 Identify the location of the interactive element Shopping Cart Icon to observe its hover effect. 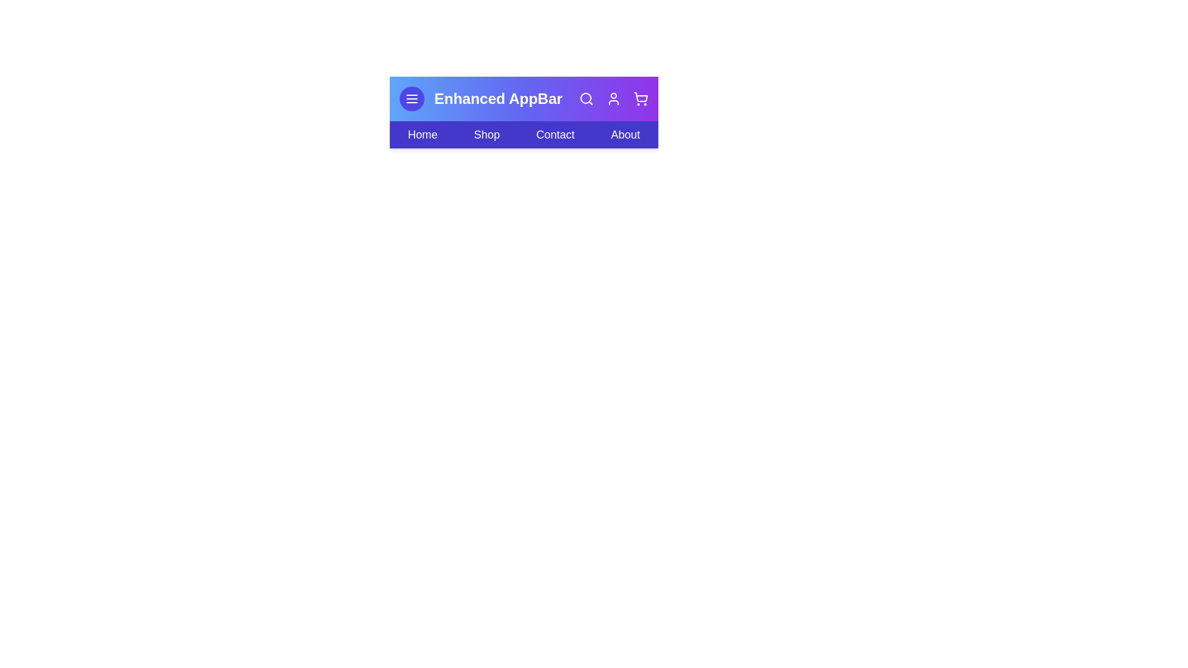
(641, 98).